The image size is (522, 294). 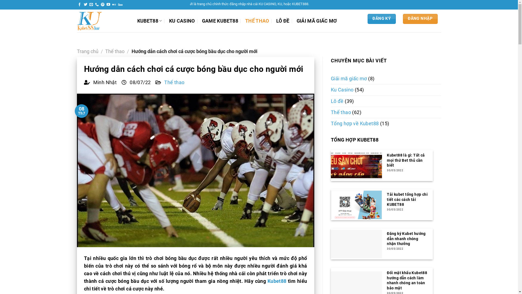 What do you see at coordinates (149, 20) in the screenshot?
I see `'KUBET88'` at bounding box center [149, 20].